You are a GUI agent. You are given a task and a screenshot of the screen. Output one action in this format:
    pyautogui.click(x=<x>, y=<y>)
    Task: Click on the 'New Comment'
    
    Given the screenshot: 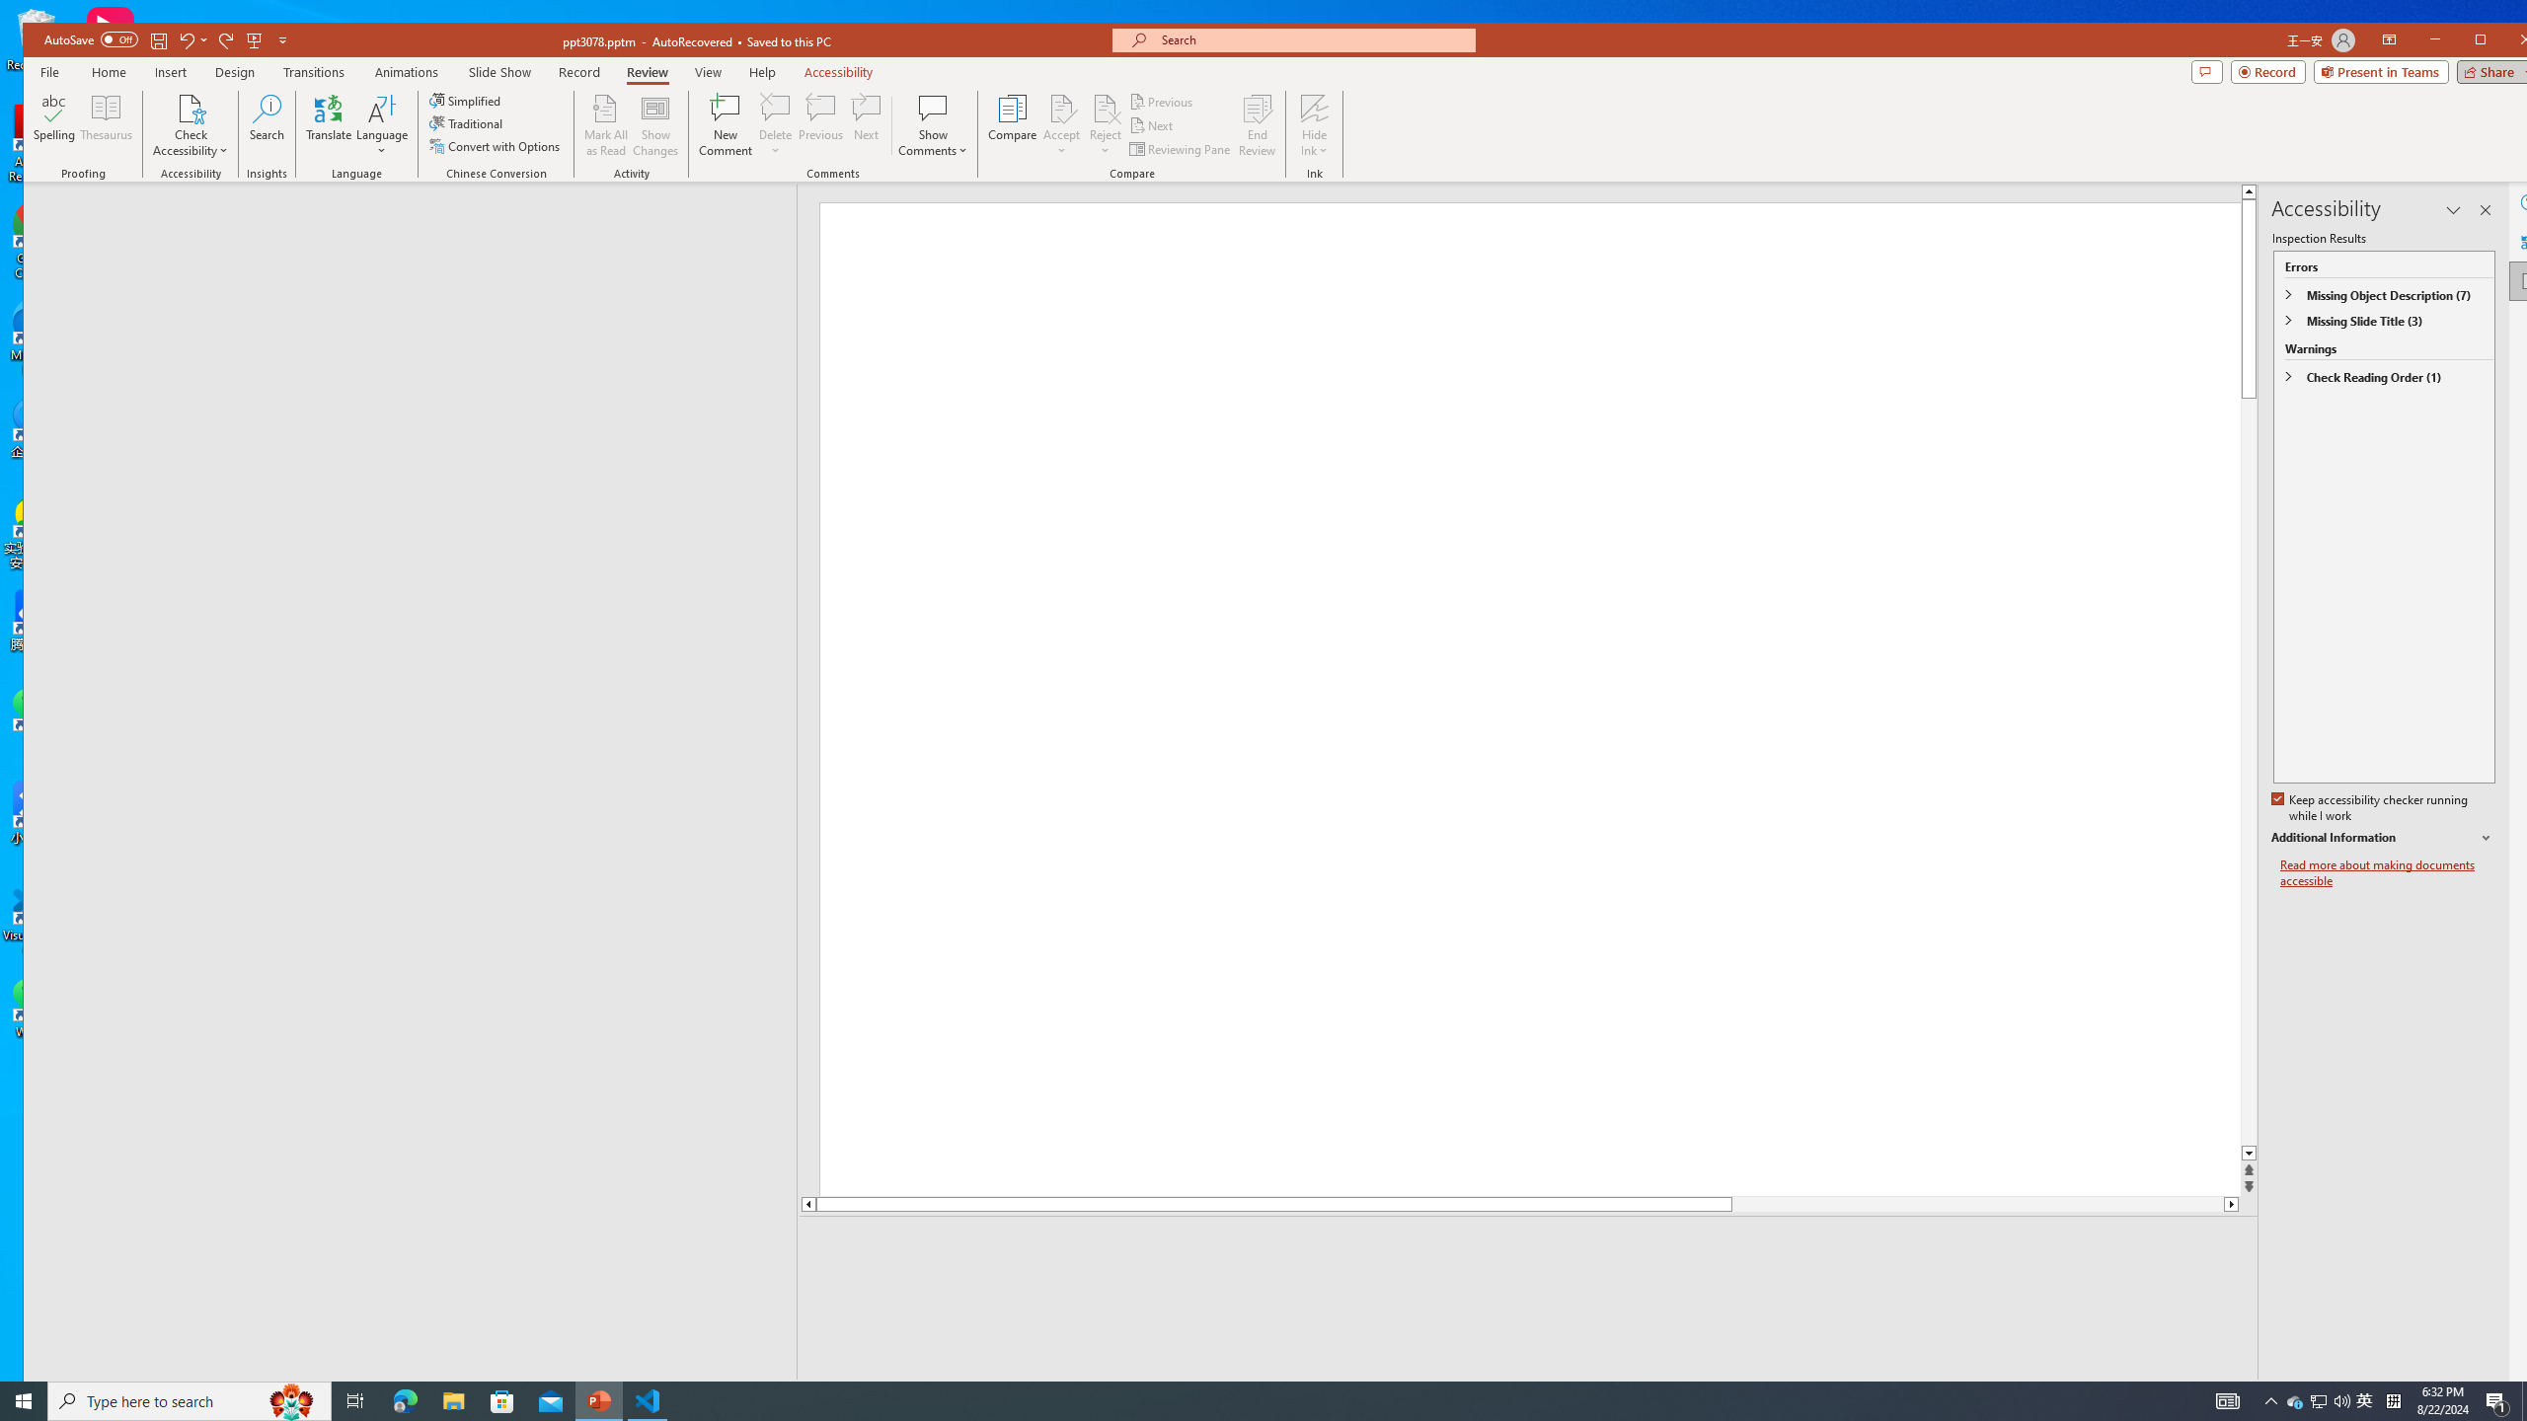 What is the action you would take?
    pyautogui.click(x=726, y=124)
    